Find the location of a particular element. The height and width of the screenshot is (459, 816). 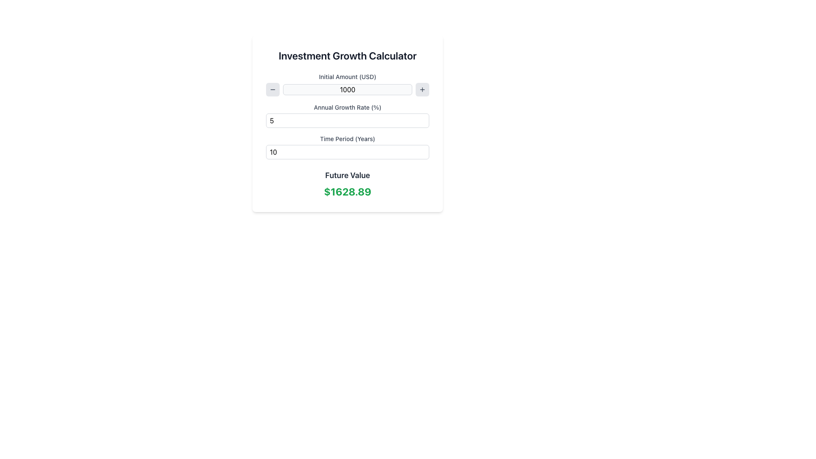

the Static text display that shows 'Future Value' and the monetary value '$1628.89' is located at coordinates (347, 183).